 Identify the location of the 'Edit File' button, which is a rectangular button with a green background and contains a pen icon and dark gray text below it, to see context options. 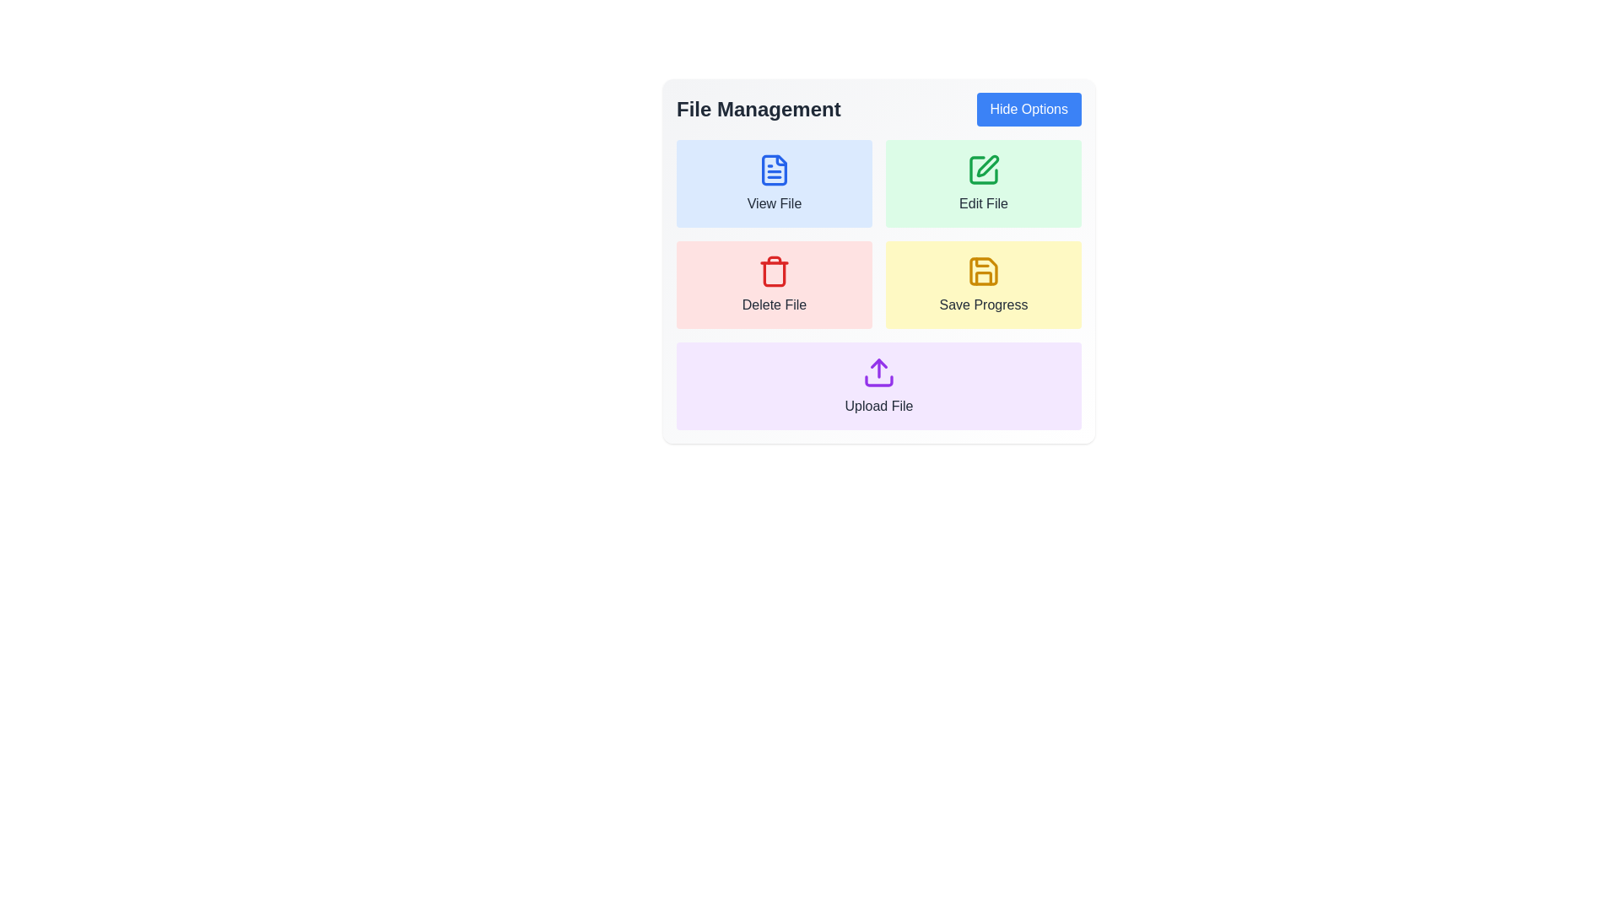
(984, 184).